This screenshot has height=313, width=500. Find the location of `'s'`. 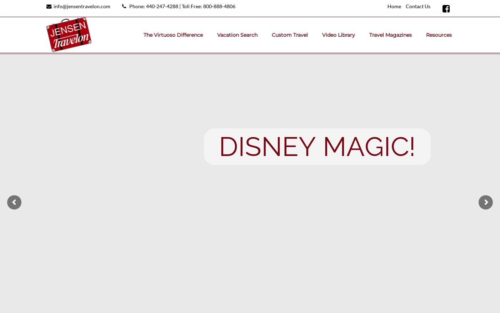

's' is located at coordinates (252, 146).